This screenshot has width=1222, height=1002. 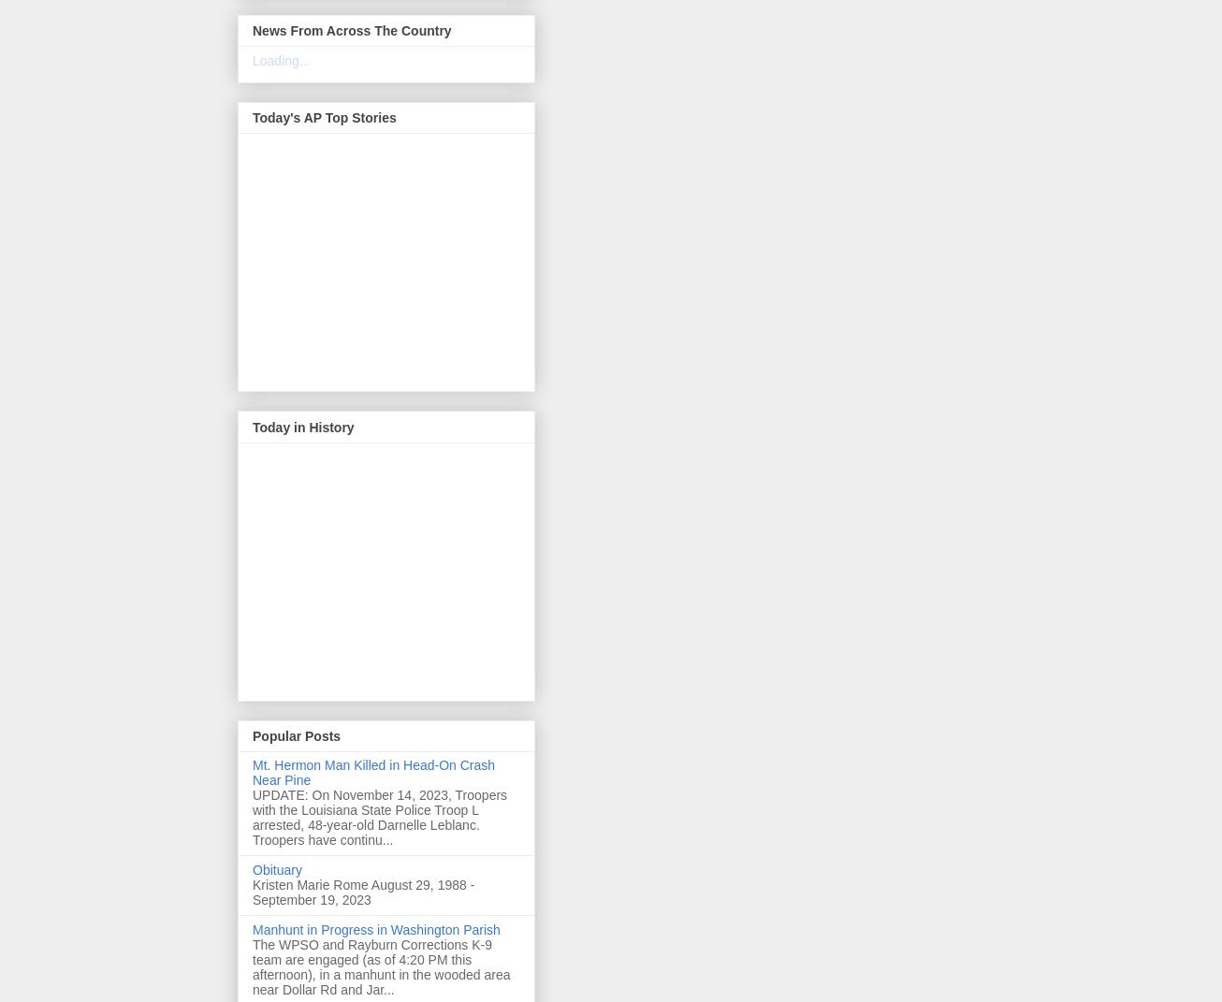 What do you see at coordinates (373, 771) in the screenshot?
I see `'Mt. Hermon Man Killed in Head-On Crash Near Pine'` at bounding box center [373, 771].